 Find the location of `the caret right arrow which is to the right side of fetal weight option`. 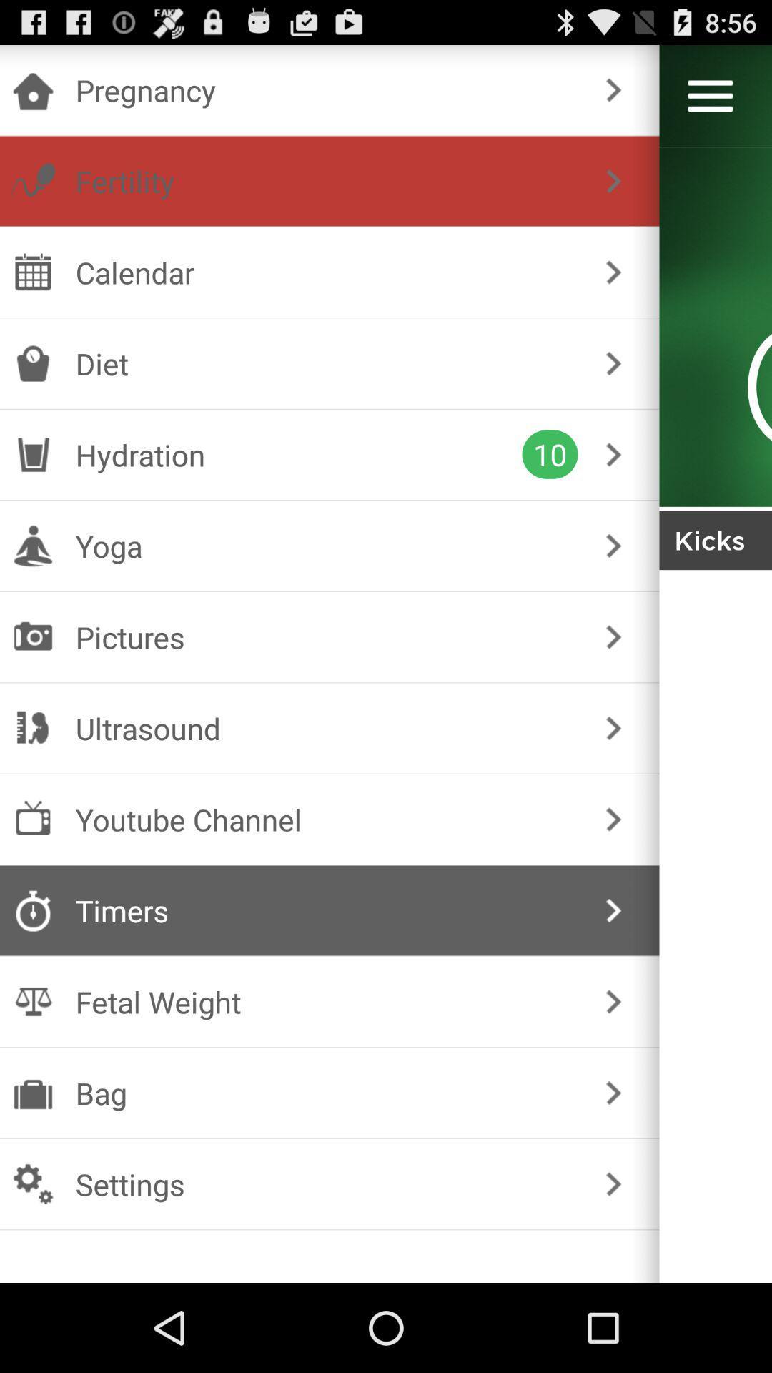

the caret right arrow which is to the right side of fetal weight option is located at coordinates (613, 1001).